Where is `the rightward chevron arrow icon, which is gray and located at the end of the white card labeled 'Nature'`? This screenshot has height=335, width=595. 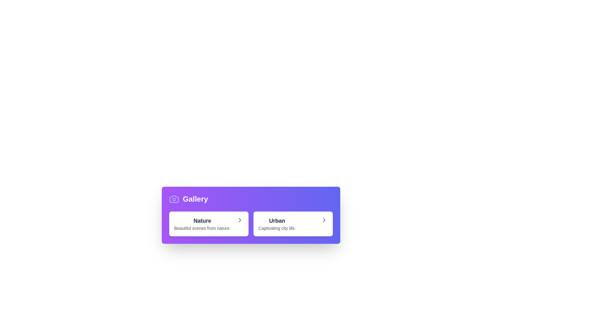
the rightward chevron arrow icon, which is gray and located at the end of the white card labeled 'Nature' is located at coordinates (239, 220).